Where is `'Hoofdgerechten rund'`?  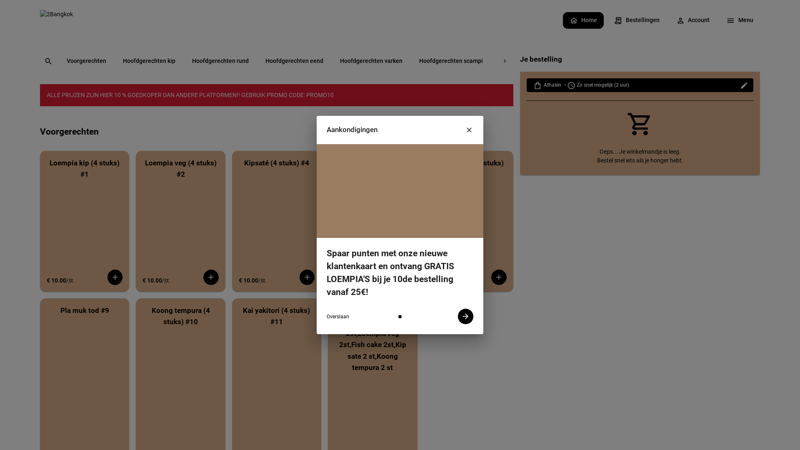
'Hoofdgerechten rund' is located at coordinates (220, 61).